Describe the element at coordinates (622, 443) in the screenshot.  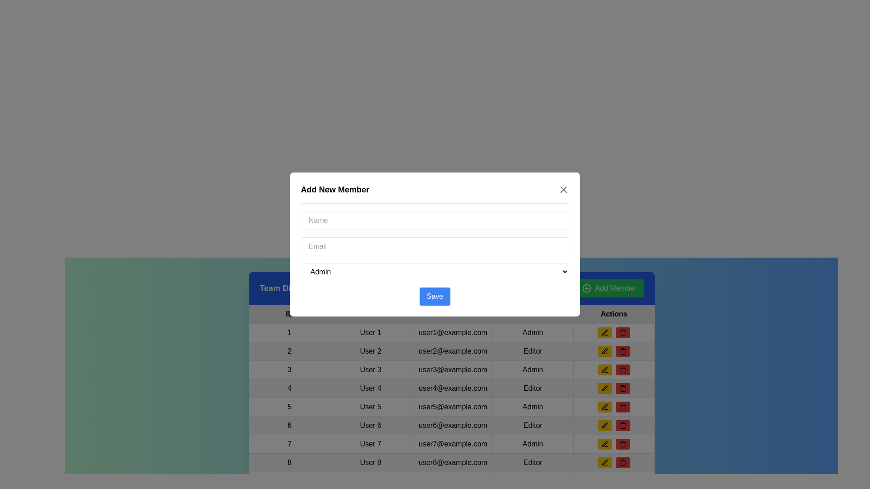
I see `the trash can icon located within the red button in the 'Actions' column of the last row of the user entry list` at that location.